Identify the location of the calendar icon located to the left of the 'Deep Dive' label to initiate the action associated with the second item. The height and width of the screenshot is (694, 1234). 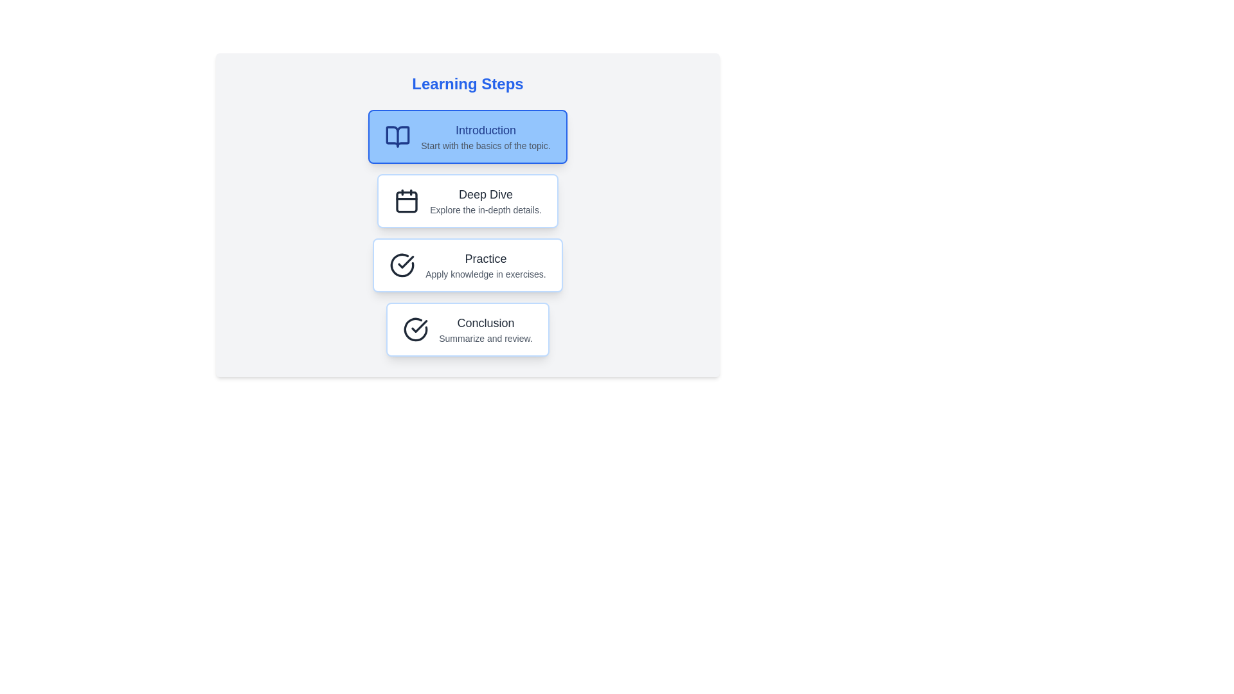
(406, 200).